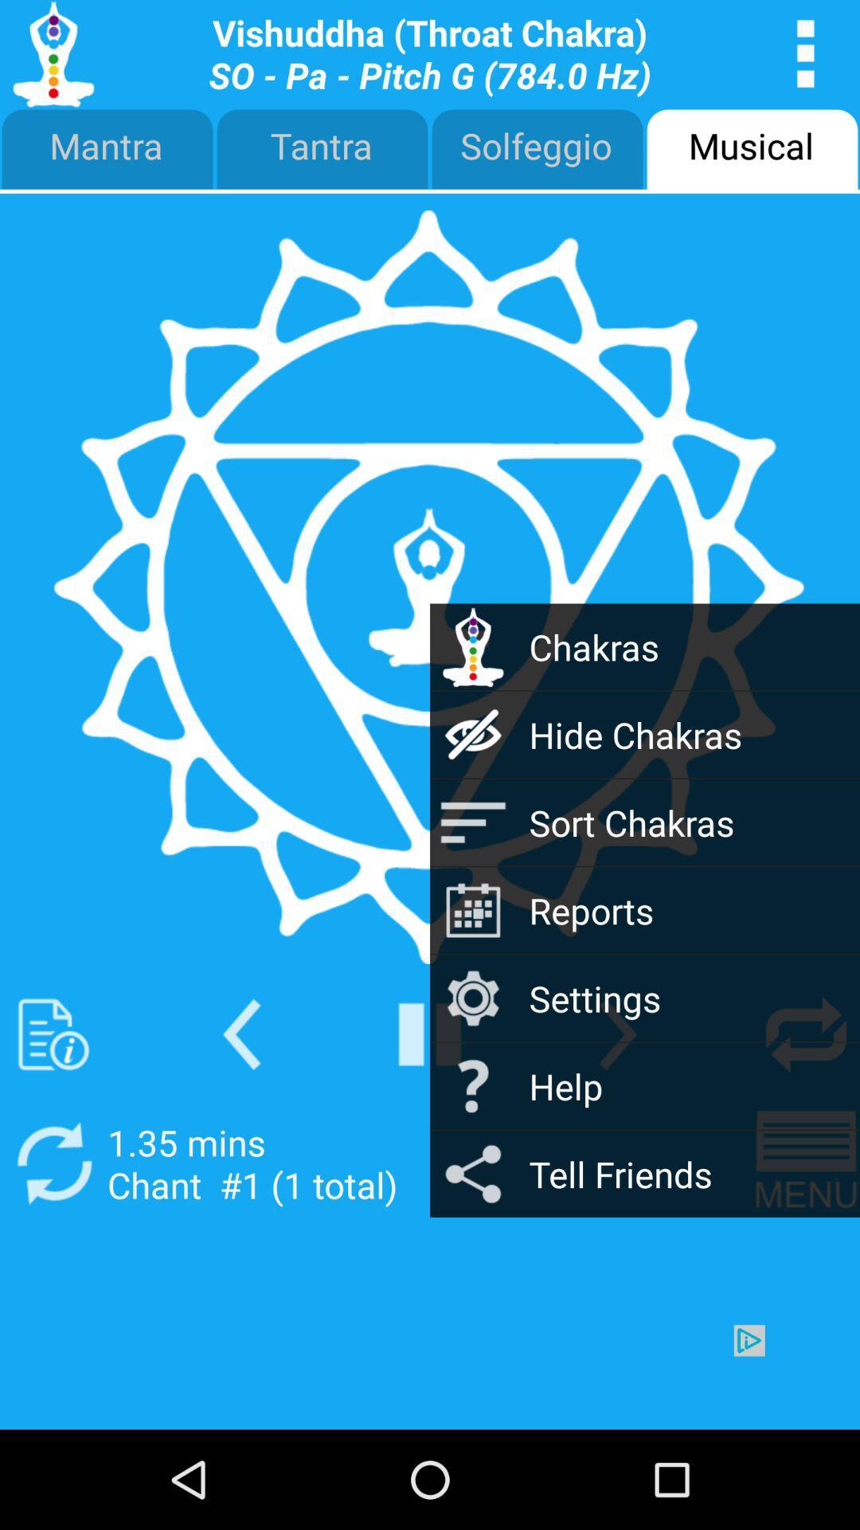 The height and width of the screenshot is (1530, 860). Describe the element at coordinates (806, 53) in the screenshot. I see `settings page` at that location.